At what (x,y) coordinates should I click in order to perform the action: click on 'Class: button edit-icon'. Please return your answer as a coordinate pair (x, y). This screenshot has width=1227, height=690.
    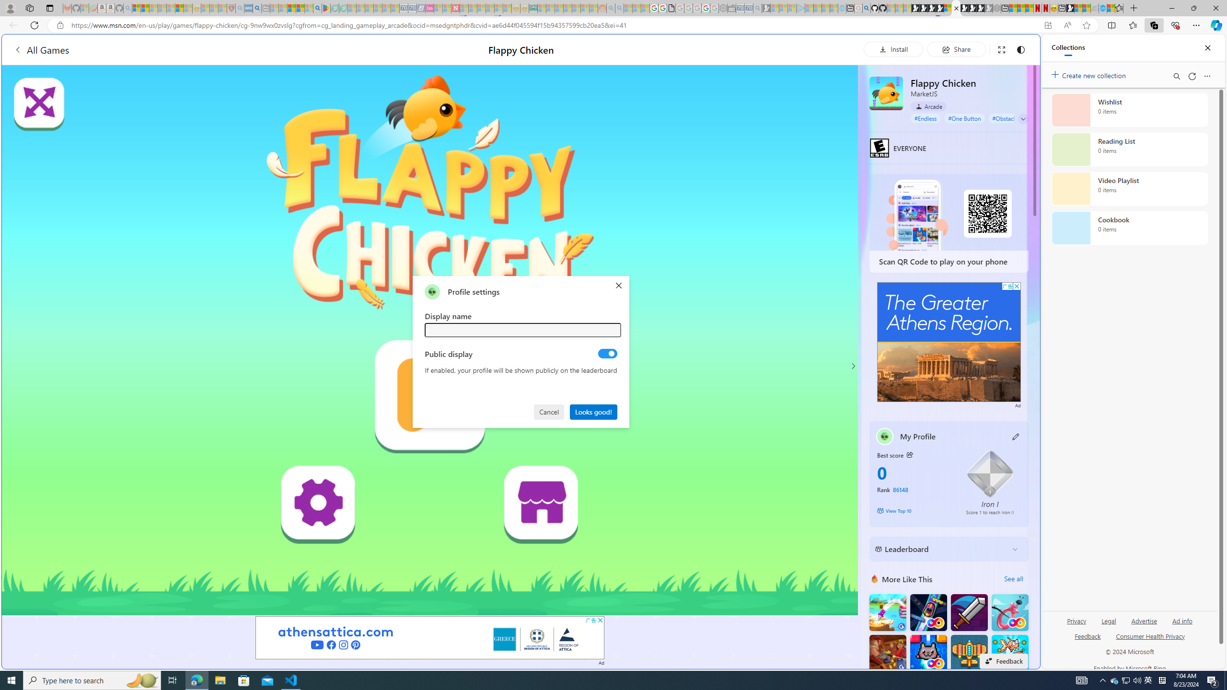
    Looking at the image, I should click on (1016, 436).